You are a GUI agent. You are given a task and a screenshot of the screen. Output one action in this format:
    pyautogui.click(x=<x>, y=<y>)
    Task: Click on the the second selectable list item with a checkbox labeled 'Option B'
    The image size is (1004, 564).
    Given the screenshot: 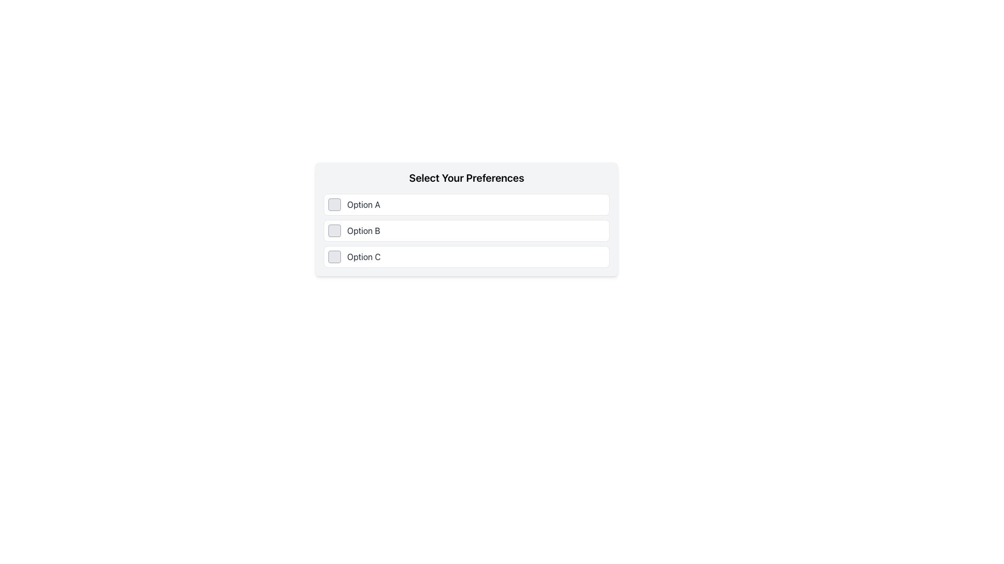 What is the action you would take?
    pyautogui.click(x=466, y=230)
    